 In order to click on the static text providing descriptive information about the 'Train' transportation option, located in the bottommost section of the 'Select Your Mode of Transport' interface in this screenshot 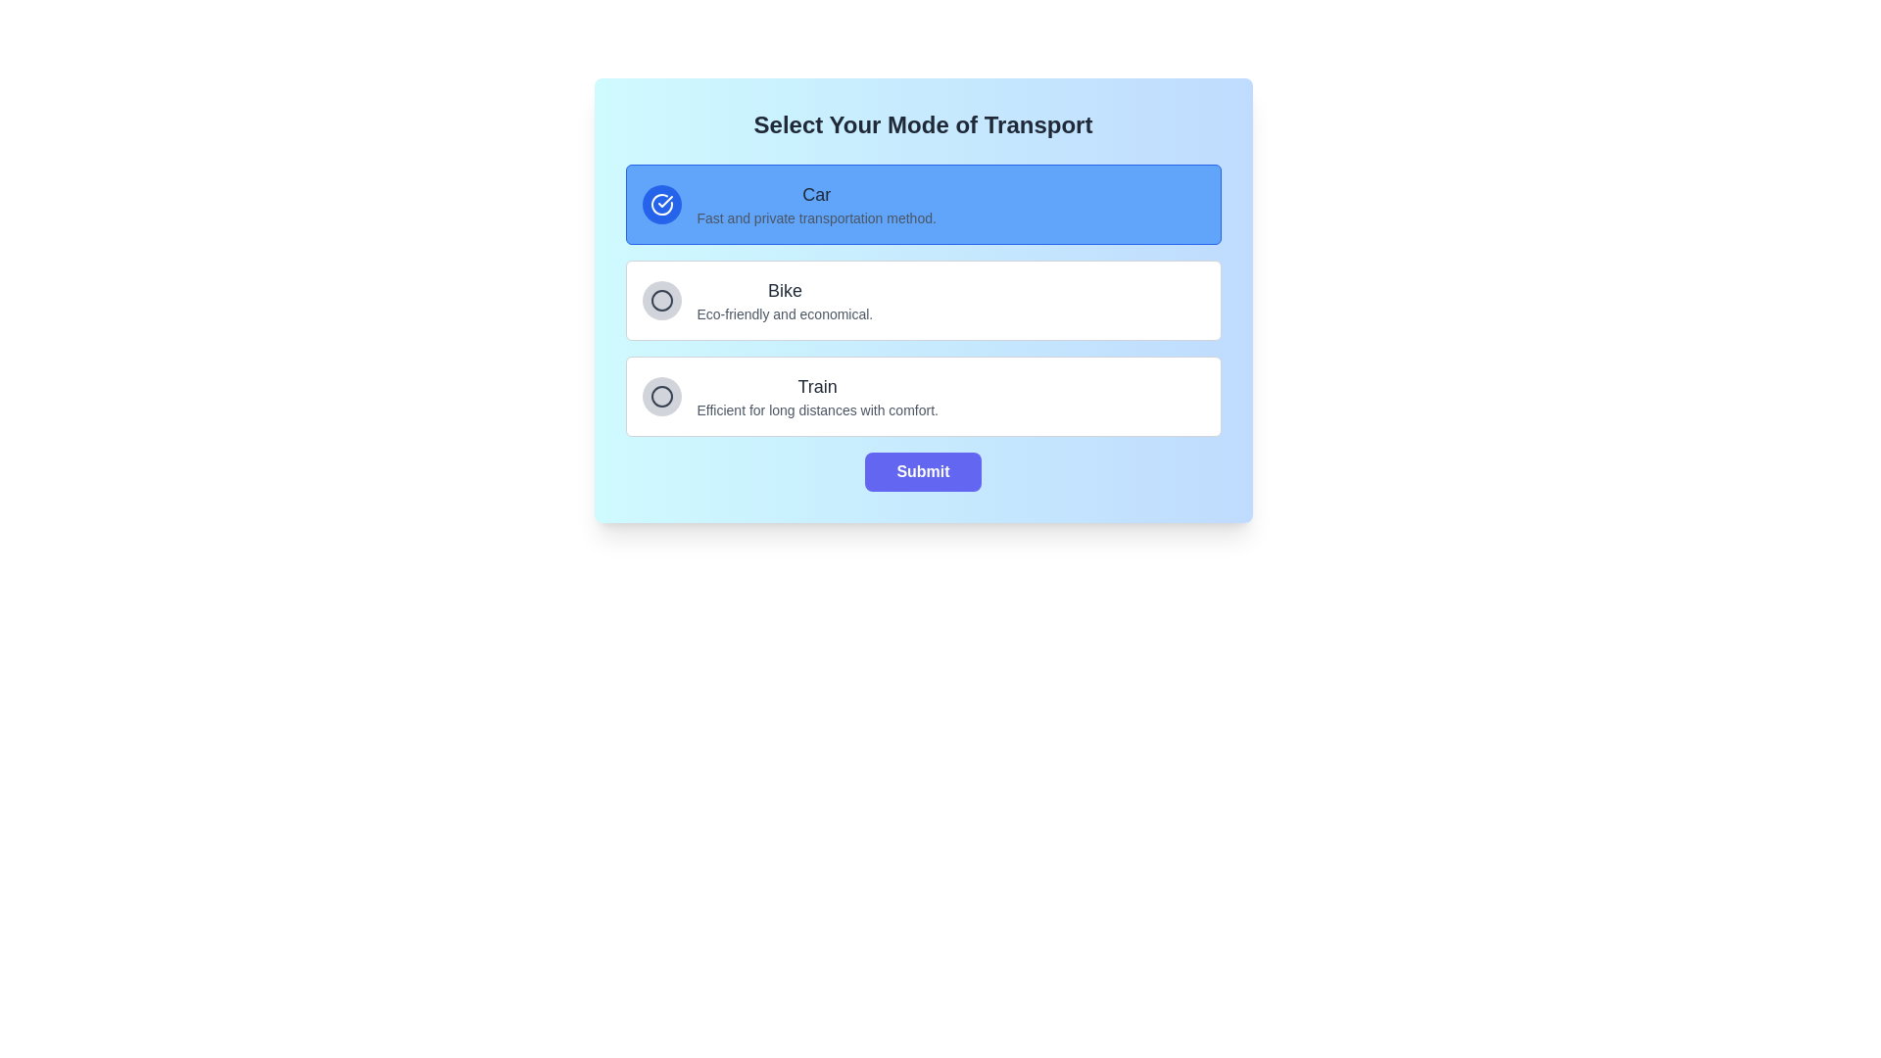, I will do `click(817, 409)`.